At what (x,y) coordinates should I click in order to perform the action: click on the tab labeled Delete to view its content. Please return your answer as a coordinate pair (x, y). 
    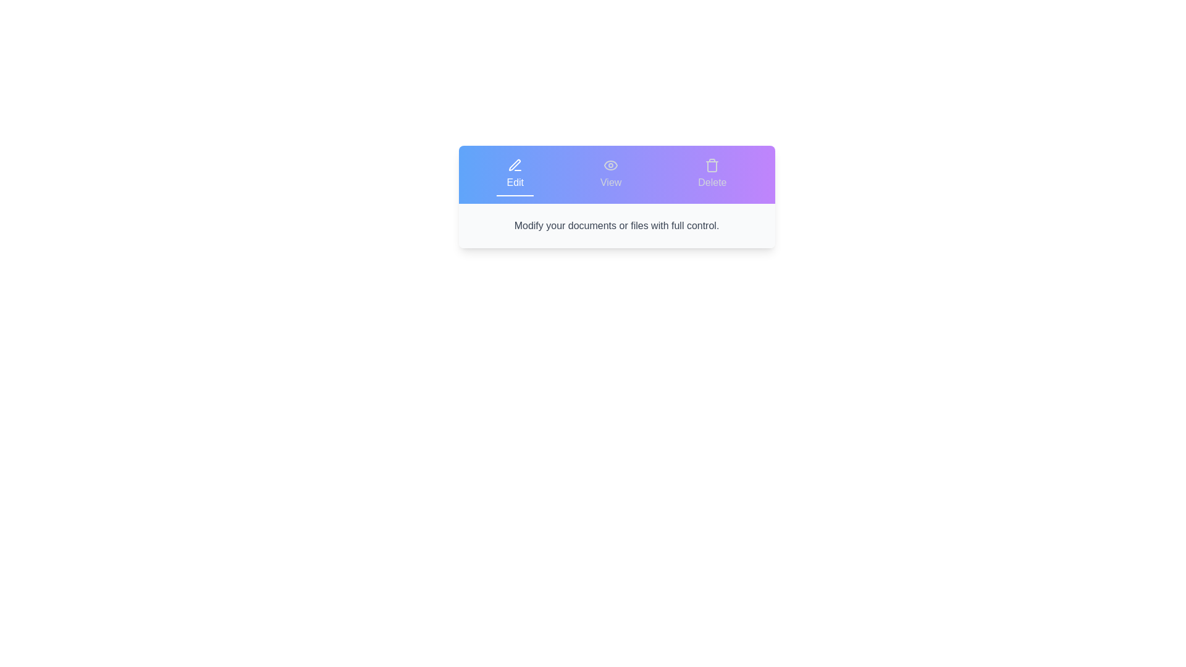
    Looking at the image, I should click on (712, 174).